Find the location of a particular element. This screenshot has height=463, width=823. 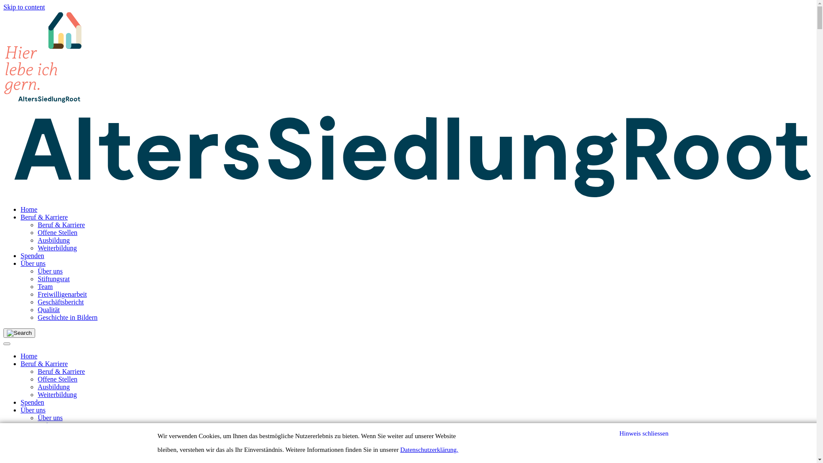

'Offene Stellen' is located at coordinates (57, 379).